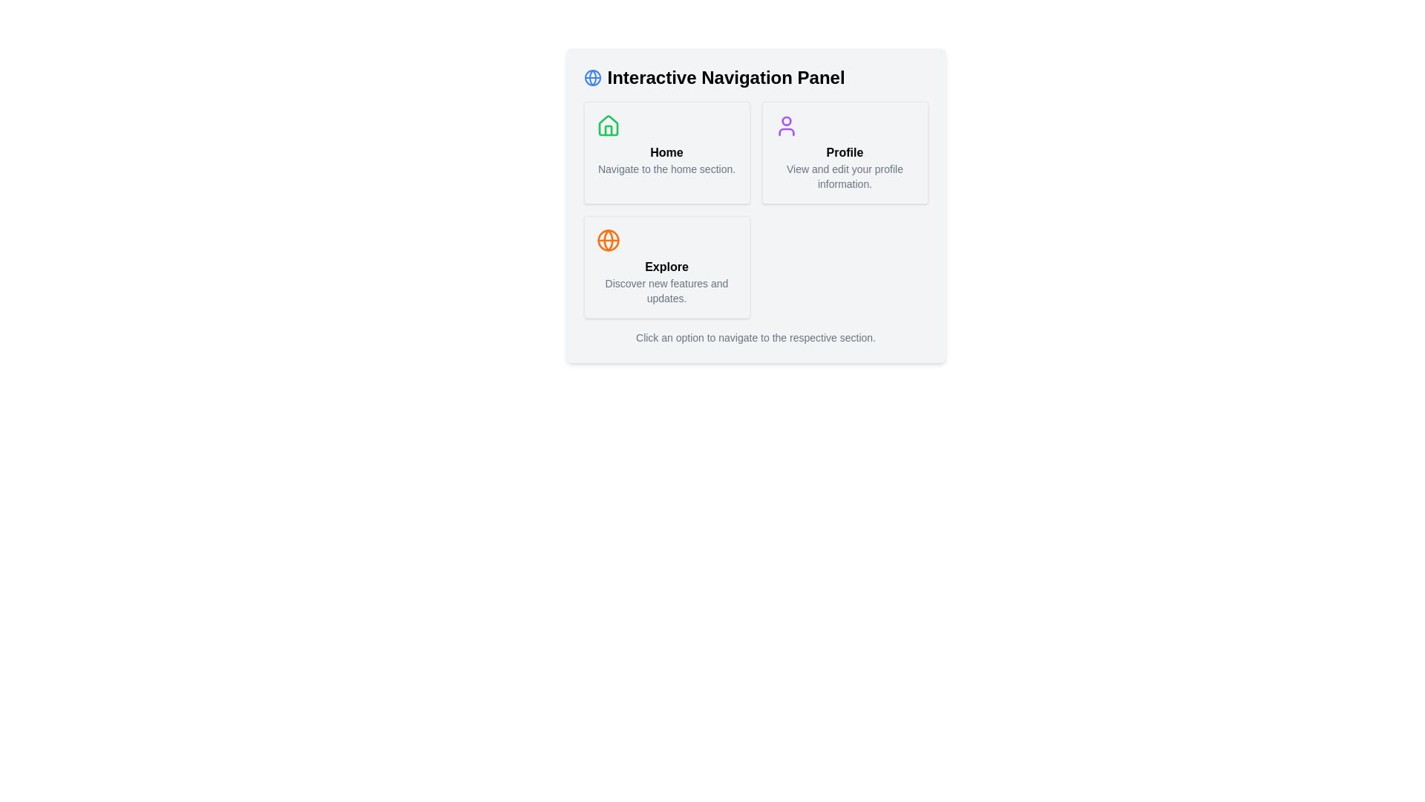 The width and height of the screenshot is (1425, 802). I want to click on the SVG graphical circle that is part of the decorative design of the globe icon located at the top-left corner of the navigation panel, so click(608, 240).